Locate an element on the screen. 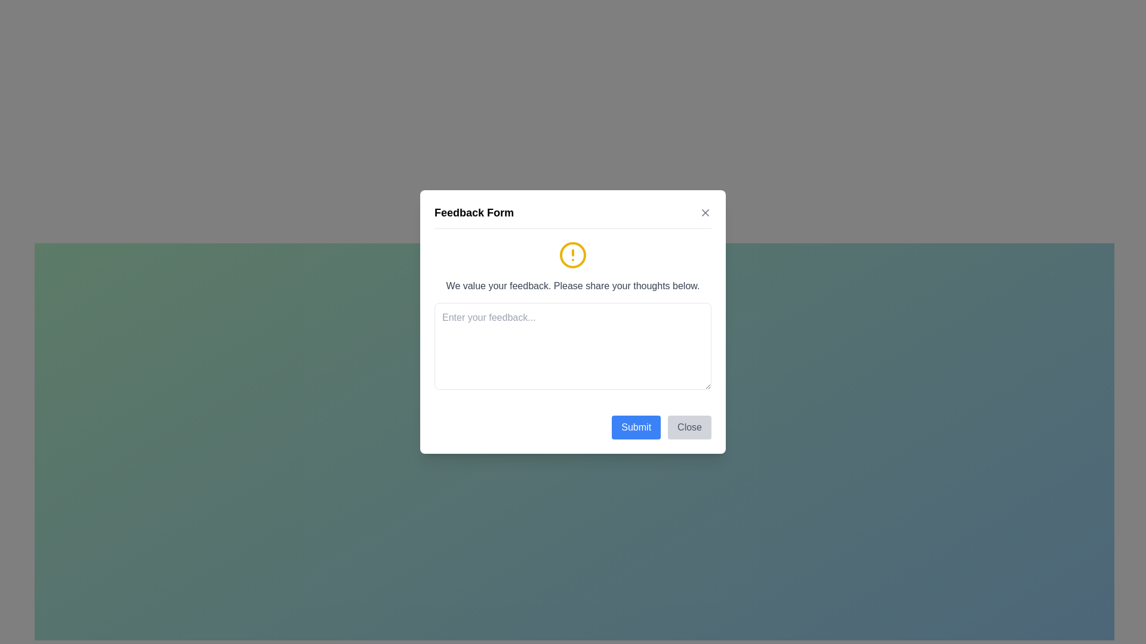 Image resolution: width=1146 pixels, height=644 pixels. the informational text located below the yellow circular alert icon in the modal dialog box, which provides context and instructions for the user regarding the feedback form is located at coordinates (573, 286).